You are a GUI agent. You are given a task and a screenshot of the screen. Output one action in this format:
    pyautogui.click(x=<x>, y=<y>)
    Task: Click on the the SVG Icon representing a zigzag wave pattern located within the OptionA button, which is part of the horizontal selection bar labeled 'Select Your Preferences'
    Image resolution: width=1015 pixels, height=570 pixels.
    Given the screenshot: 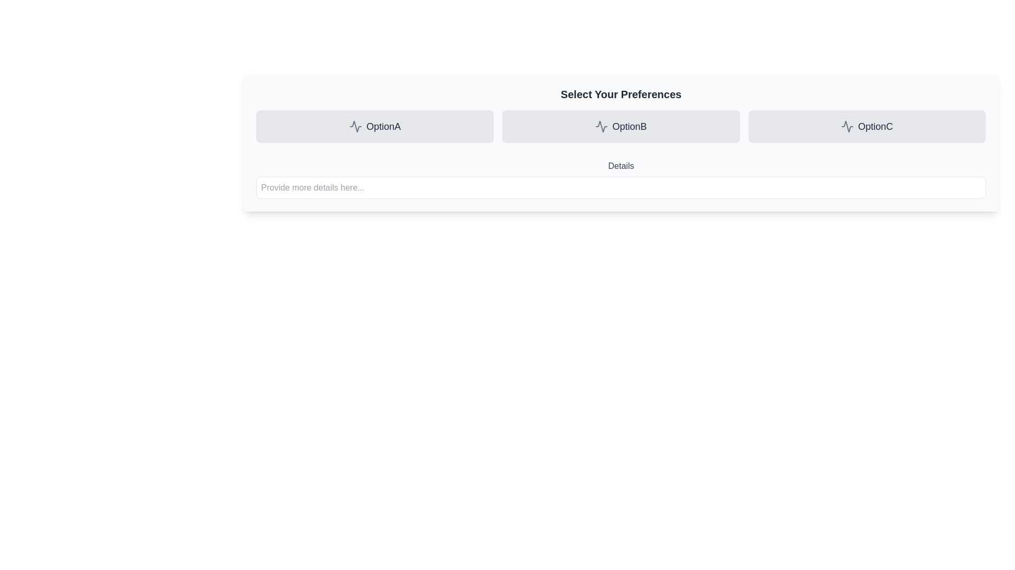 What is the action you would take?
    pyautogui.click(x=356, y=126)
    